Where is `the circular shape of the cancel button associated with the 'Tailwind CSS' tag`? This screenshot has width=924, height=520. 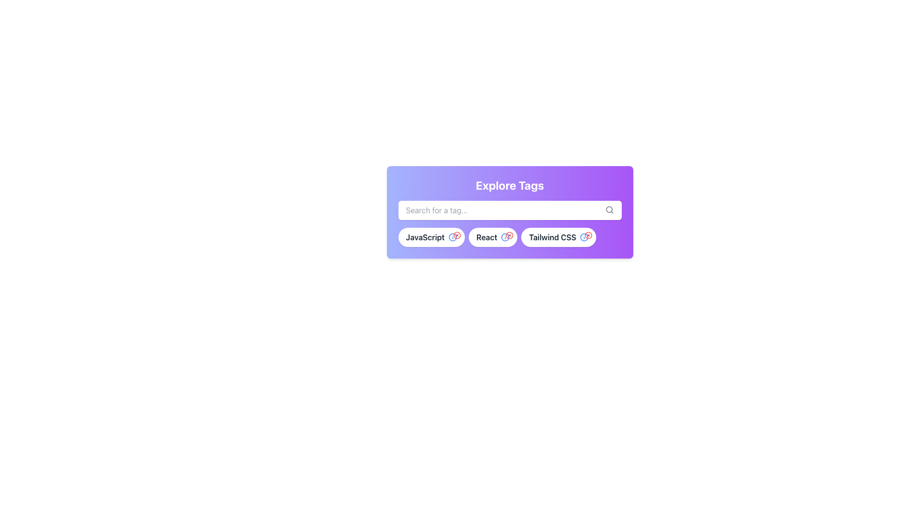 the circular shape of the cancel button associated with the 'Tailwind CSS' tag is located at coordinates (588, 235).